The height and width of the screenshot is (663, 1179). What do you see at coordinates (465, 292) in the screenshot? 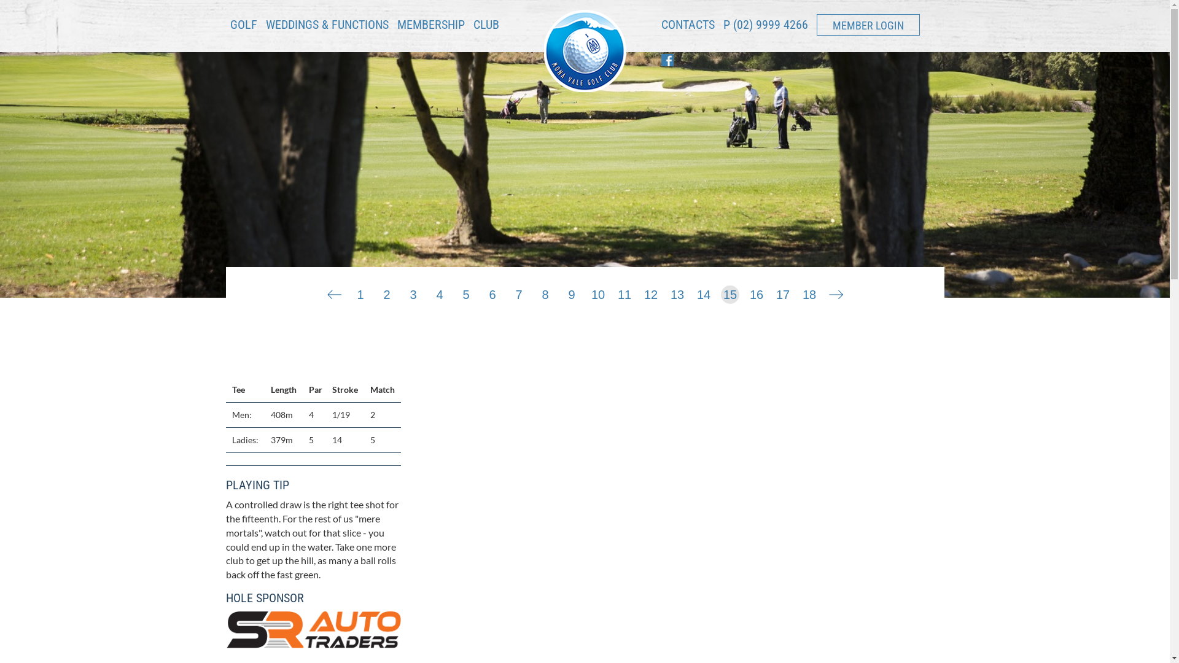
I see `'5'` at bounding box center [465, 292].